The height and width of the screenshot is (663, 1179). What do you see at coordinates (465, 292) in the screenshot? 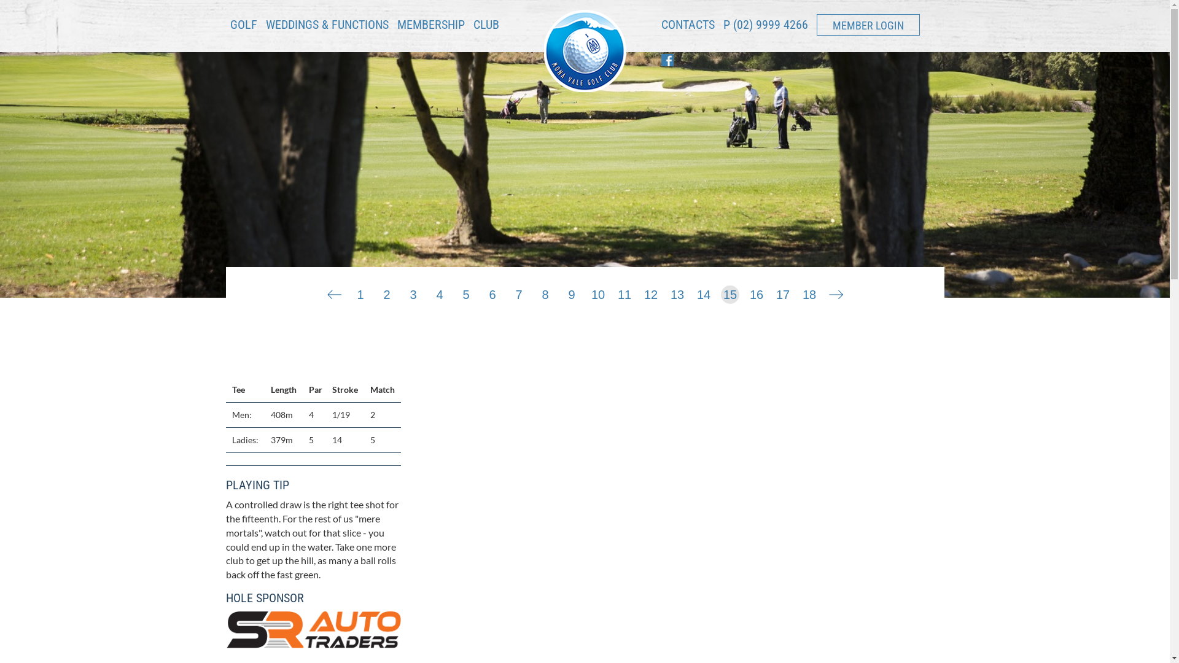
I see `'5'` at bounding box center [465, 292].